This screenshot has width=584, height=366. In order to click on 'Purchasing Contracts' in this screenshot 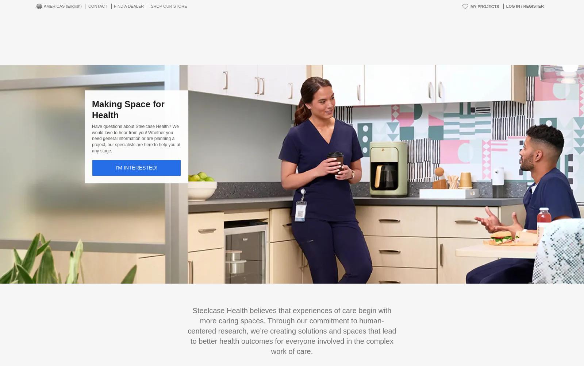, I will do `click(115, 305)`.